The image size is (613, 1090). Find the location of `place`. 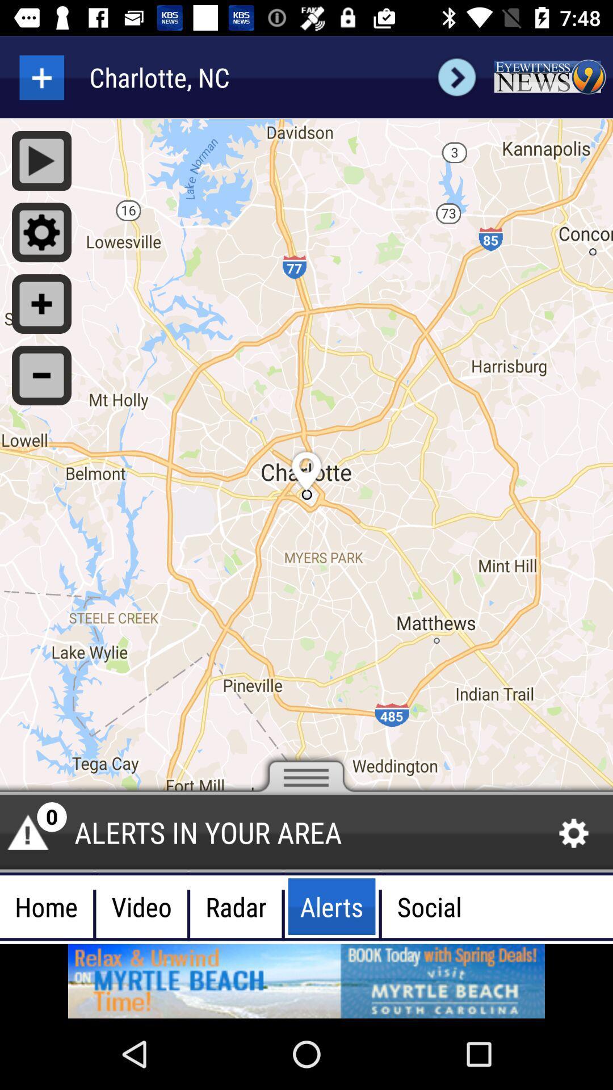

place is located at coordinates (41, 77).